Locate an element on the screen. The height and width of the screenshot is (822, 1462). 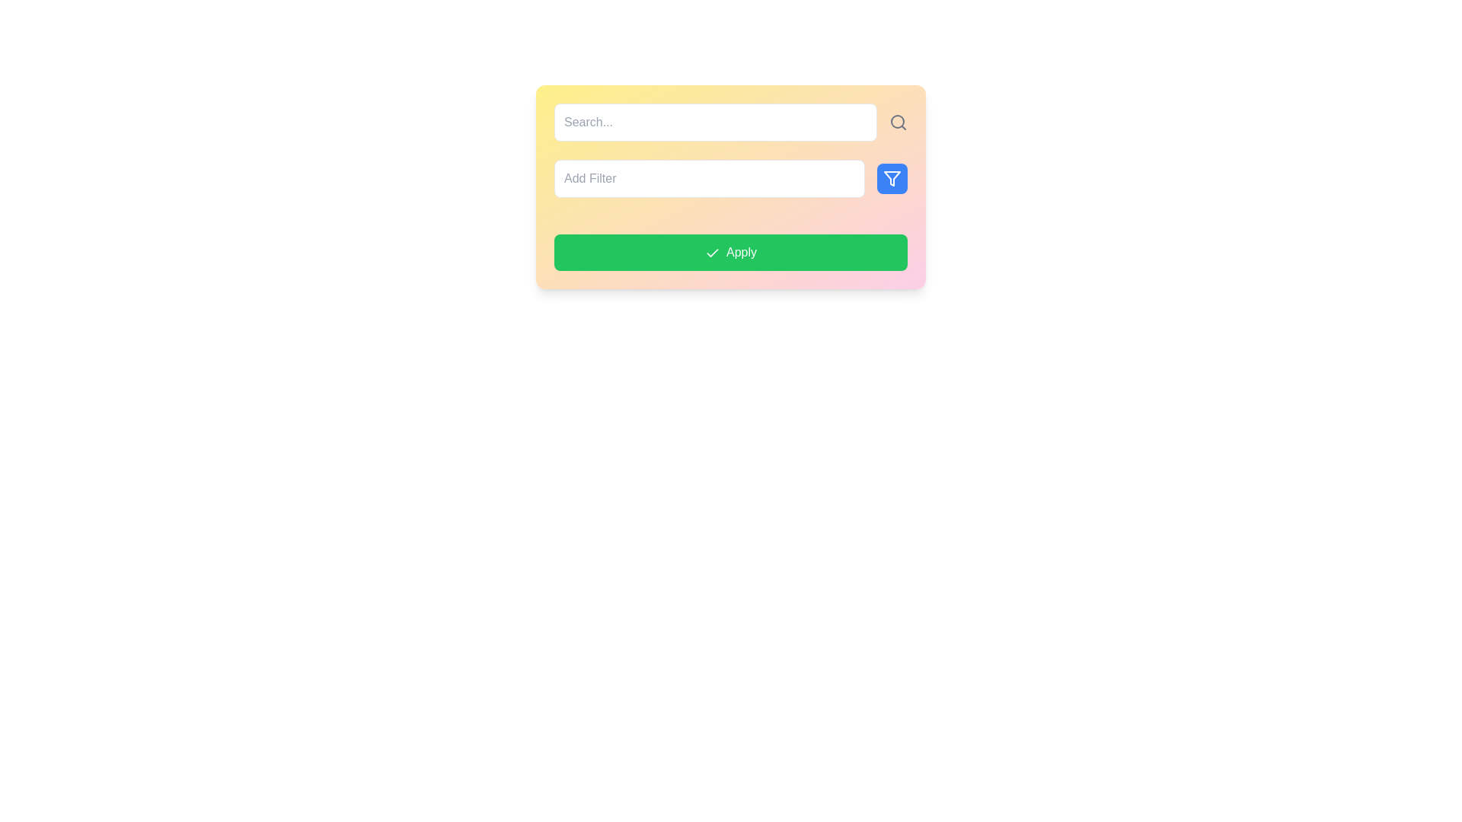
the filter management button, indicated by a funnel icon, located to the far right of the 'Add Filter' input field to observe any hover effects is located at coordinates (892, 178).